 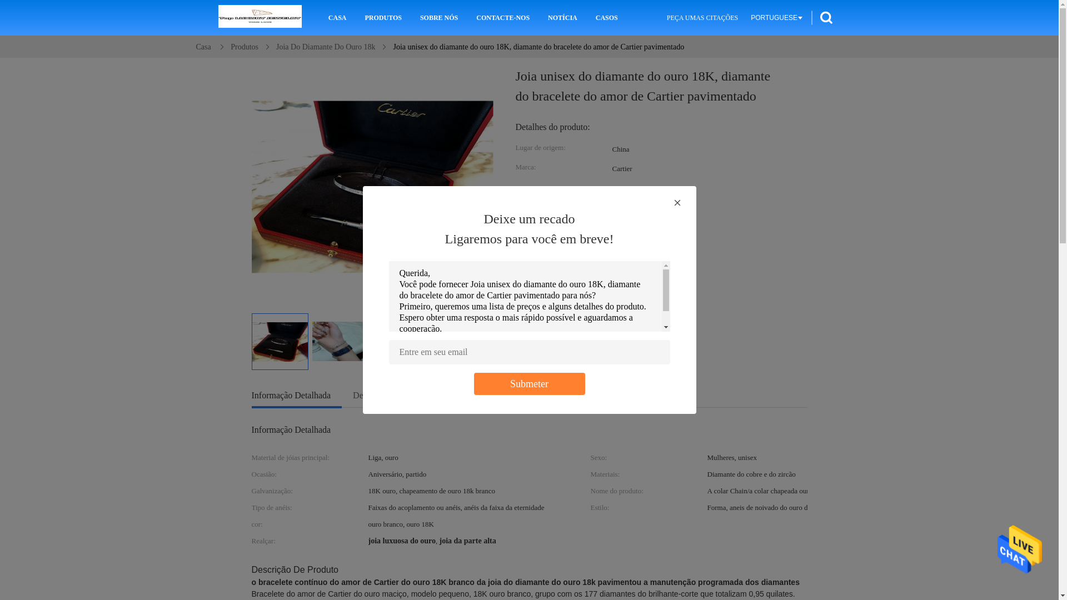 I want to click on 'Joia Do Diamante Do Ouro 18k', so click(x=325, y=46).